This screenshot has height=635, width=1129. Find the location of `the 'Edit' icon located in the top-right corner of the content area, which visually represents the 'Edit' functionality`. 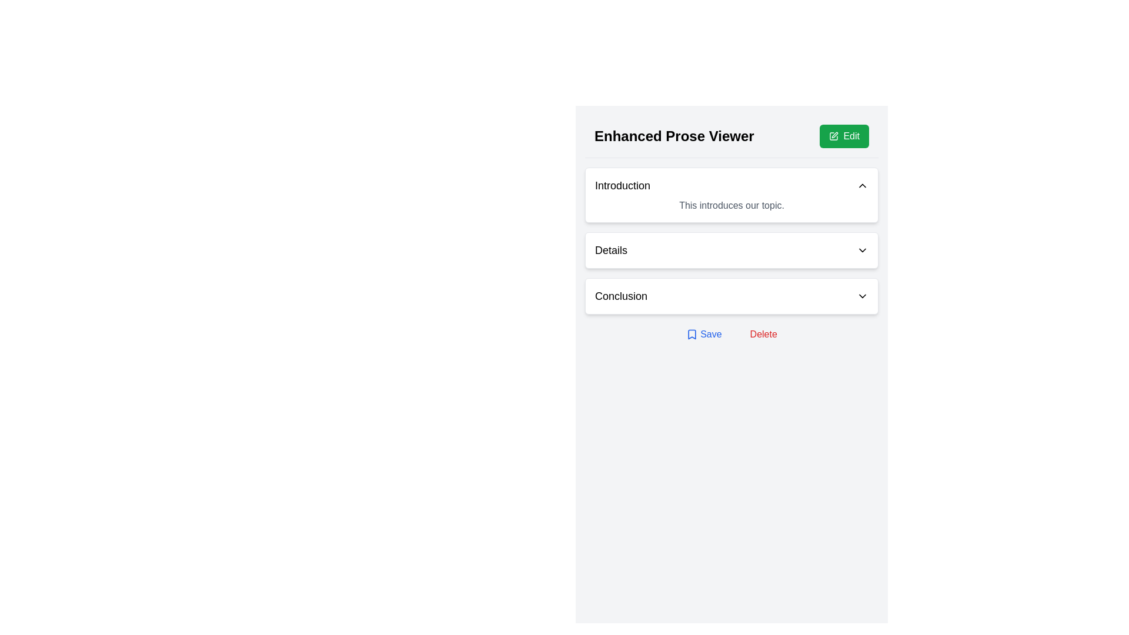

the 'Edit' icon located in the top-right corner of the content area, which visually represents the 'Edit' functionality is located at coordinates (833, 135).